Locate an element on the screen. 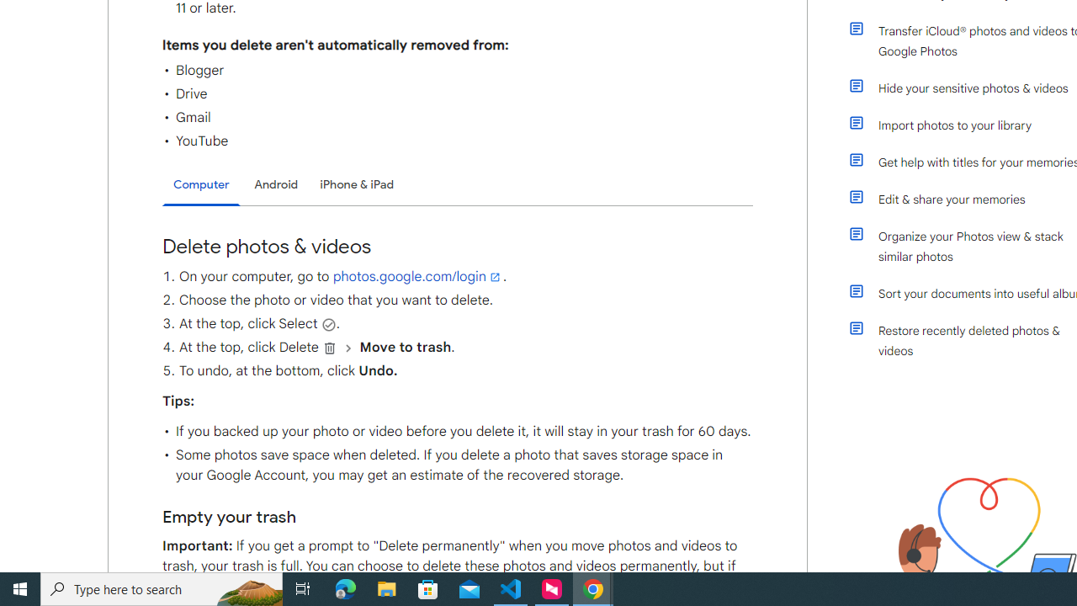 The height and width of the screenshot is (606, 1077). 'Computer' is located at coordinates (201, 185).